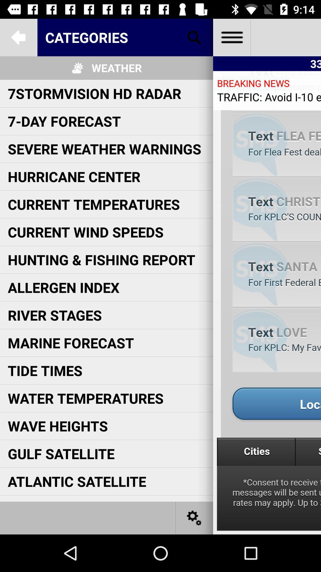  Describe the element at coordinates (231, 37) in the screenshot. I see `options button at top right corner` at that location.